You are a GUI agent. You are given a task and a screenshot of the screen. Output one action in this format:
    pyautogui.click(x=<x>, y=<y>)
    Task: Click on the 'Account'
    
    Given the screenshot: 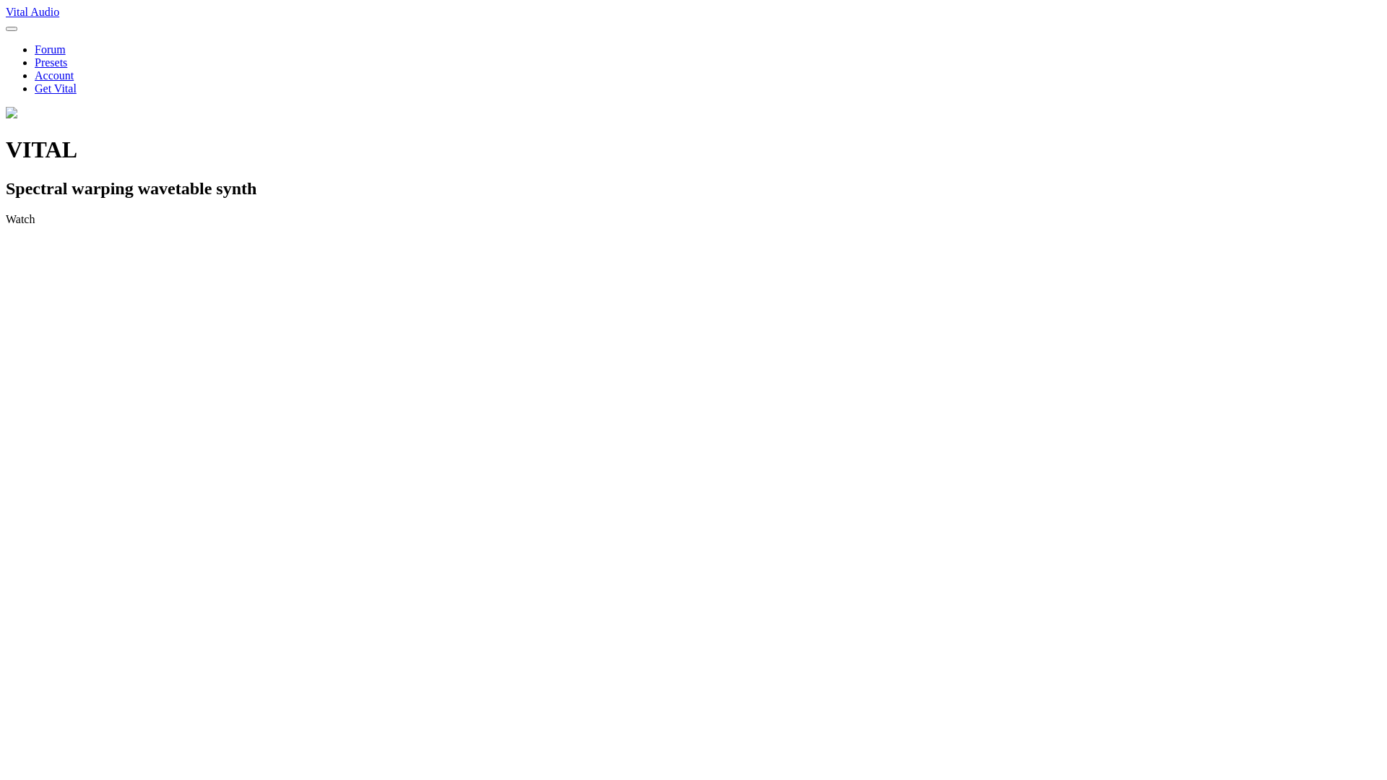 What is the action you would take?
    pyautogui.click(x=54, y=75)
    